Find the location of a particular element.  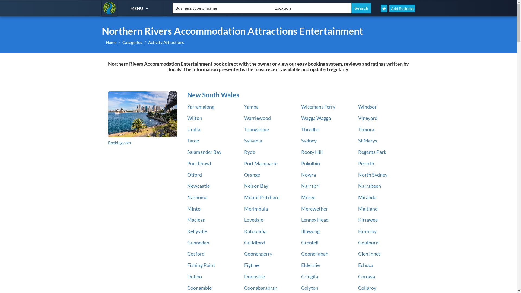

'Warriewood' is located at coordinates (257, 118).